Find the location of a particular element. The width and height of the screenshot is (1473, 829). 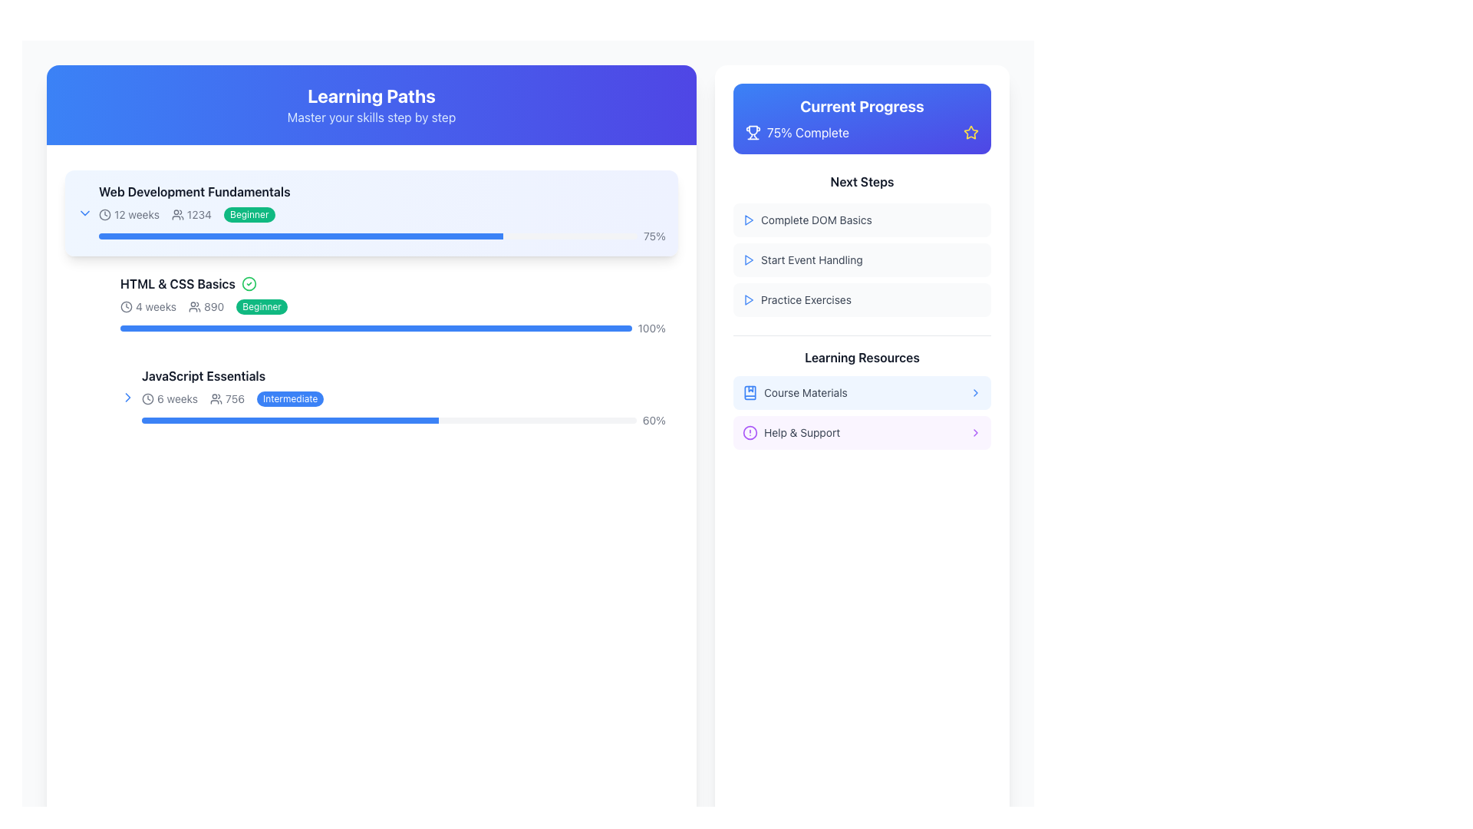

percentage and completion status displayed in the '75% Complete' text label located in the 'Current Progress' section on the upper-right card of the layout is located at coordinates (807, 132).